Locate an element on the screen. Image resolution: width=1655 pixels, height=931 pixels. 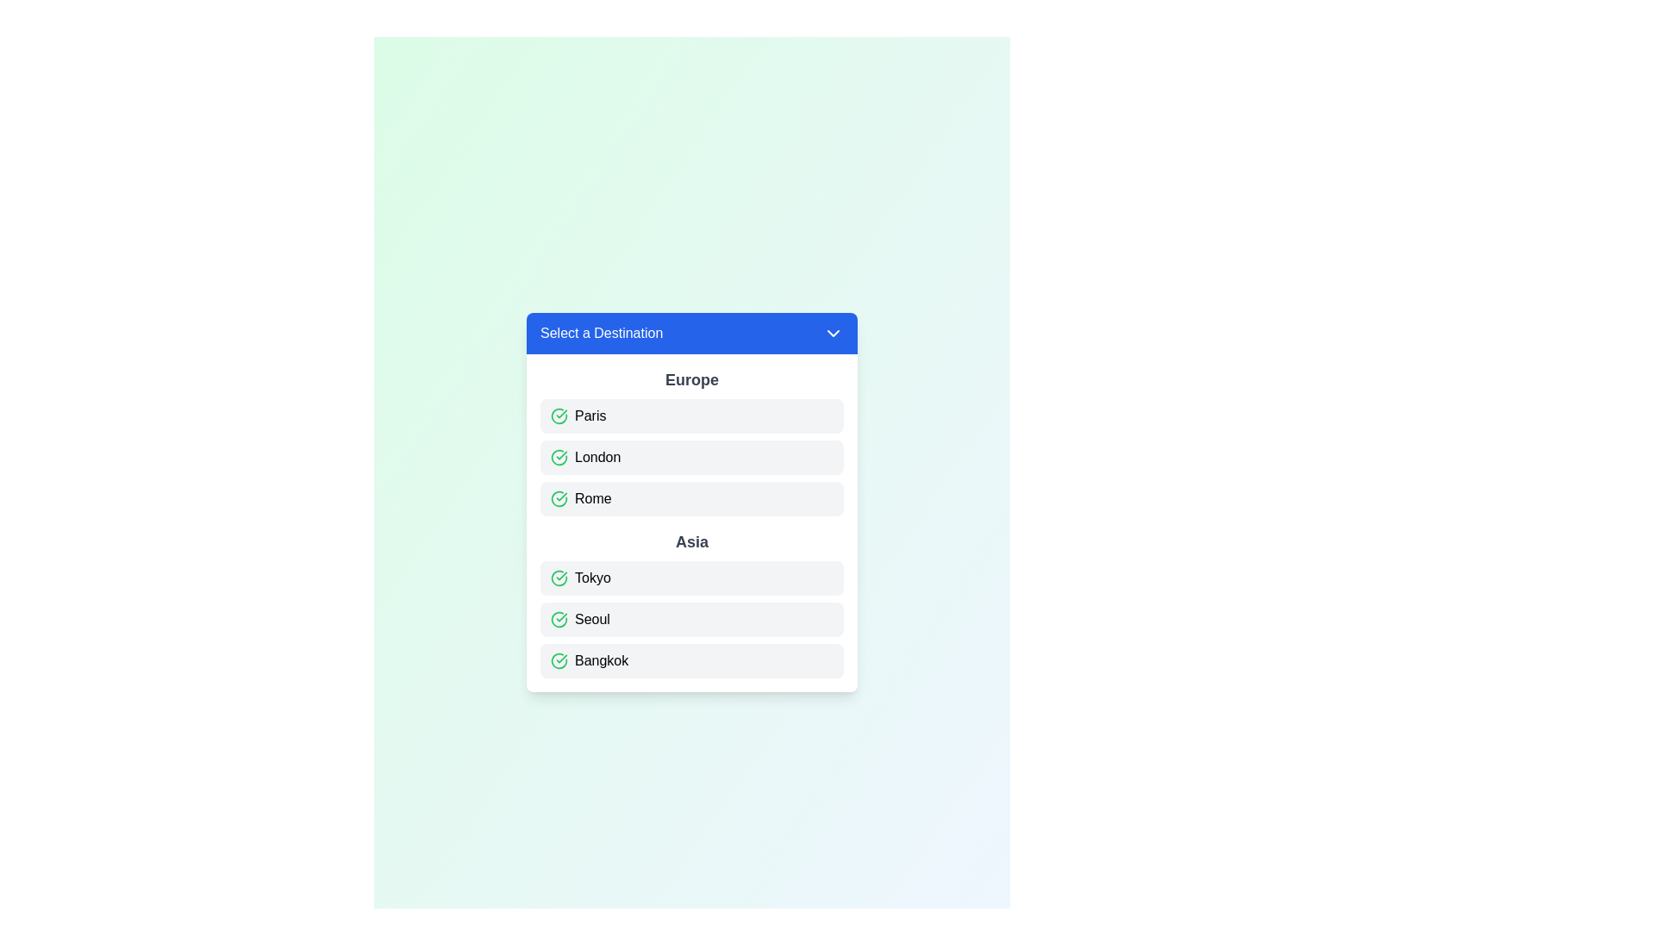
the green checkmark icon located to the left of the text 'Bangkok' in the Asian cities list is located at coordinates (559, 660).